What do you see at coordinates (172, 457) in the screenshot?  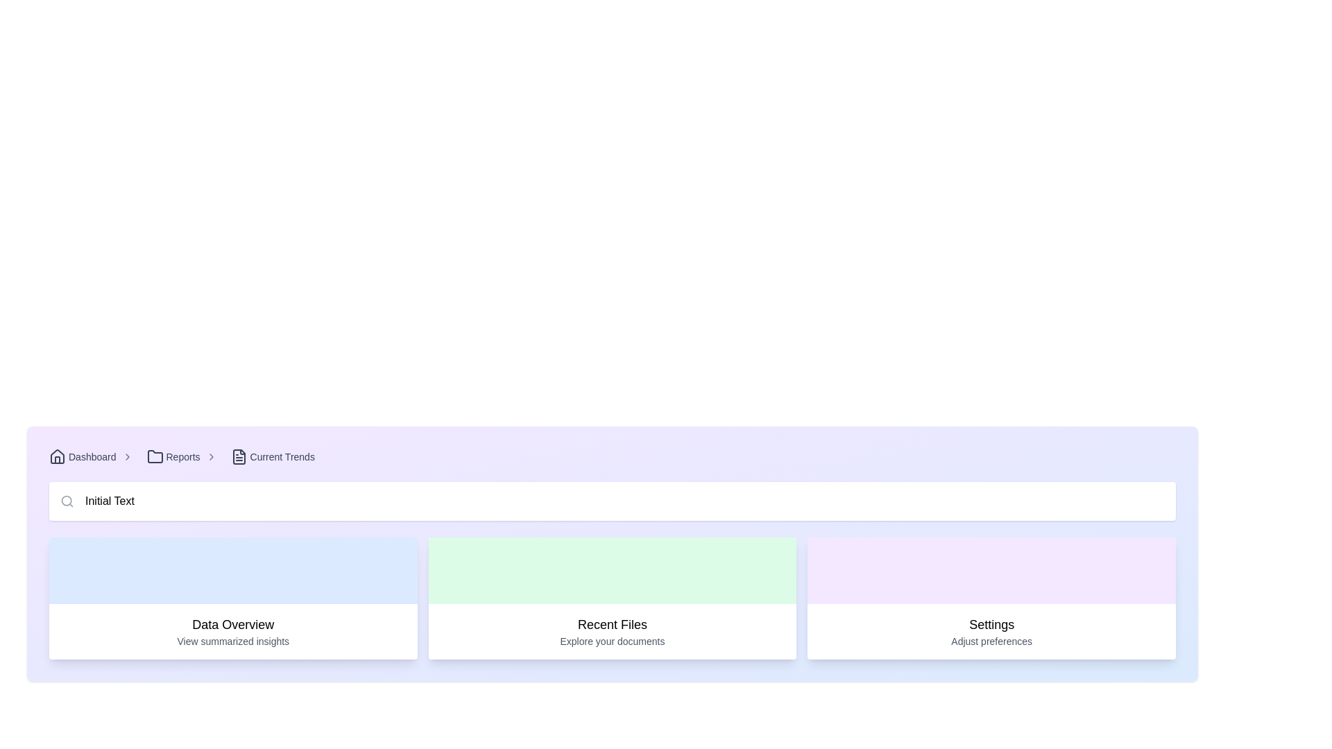 I see `the hyperlink with an embedded folder icon and text` at bounding box center [172, 457].